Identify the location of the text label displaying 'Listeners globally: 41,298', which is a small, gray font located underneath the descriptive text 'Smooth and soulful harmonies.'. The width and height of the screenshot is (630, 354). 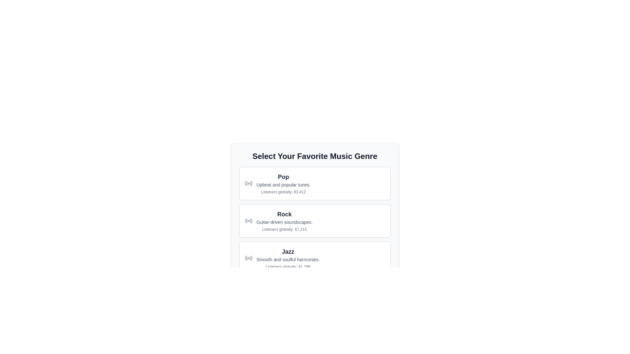
(288, 266).